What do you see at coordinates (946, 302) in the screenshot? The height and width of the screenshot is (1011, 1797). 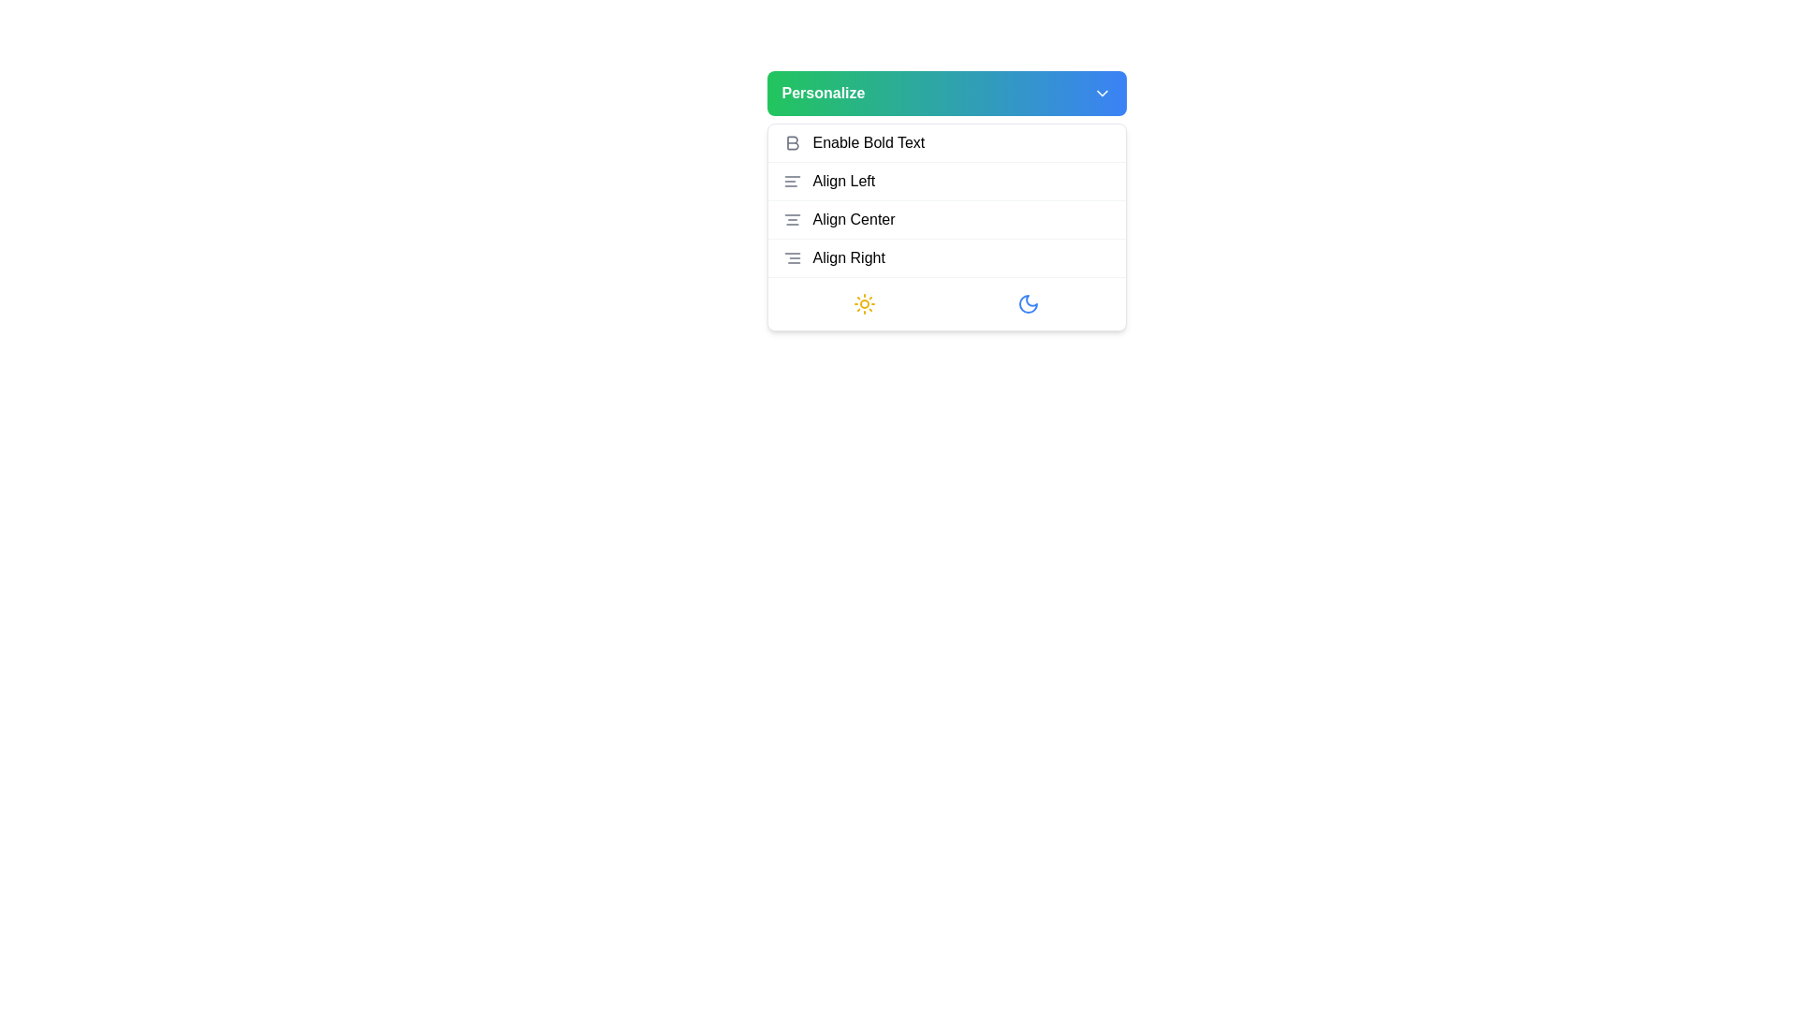 I see `the interactive icons group located at the bottom of the 'Personalize' menu` at bounding box center [946, 302].